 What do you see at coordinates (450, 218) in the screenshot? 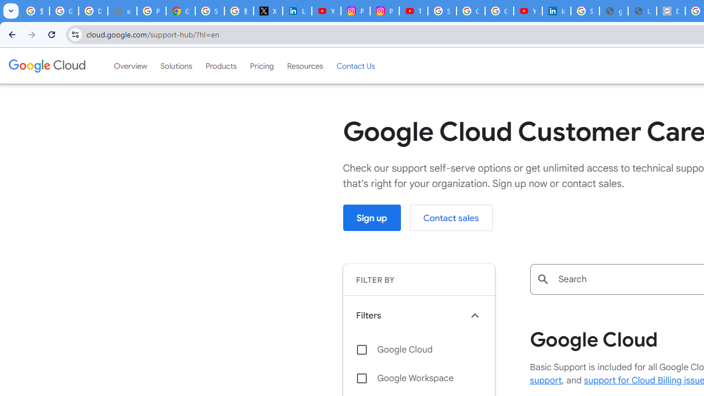
I see `'Contact sales'` at bounding box center [450, 218].